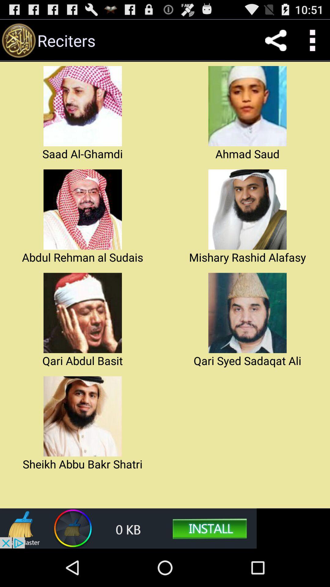 The width and height of the screenshot is (330, 587). Describe the element at coordinates (18, 40) in the screenshot. I see `the reciters icon` at that location.